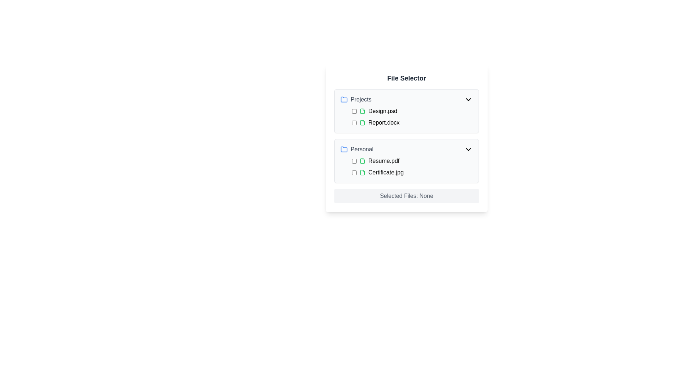 This screenshot has height=390, width=694. Describe the element at coordinates (354, 161) in the screenshot. I see `the checkbox located to the left of the text 'Resume.pdf' in the 'File Selector' interface` at that location.